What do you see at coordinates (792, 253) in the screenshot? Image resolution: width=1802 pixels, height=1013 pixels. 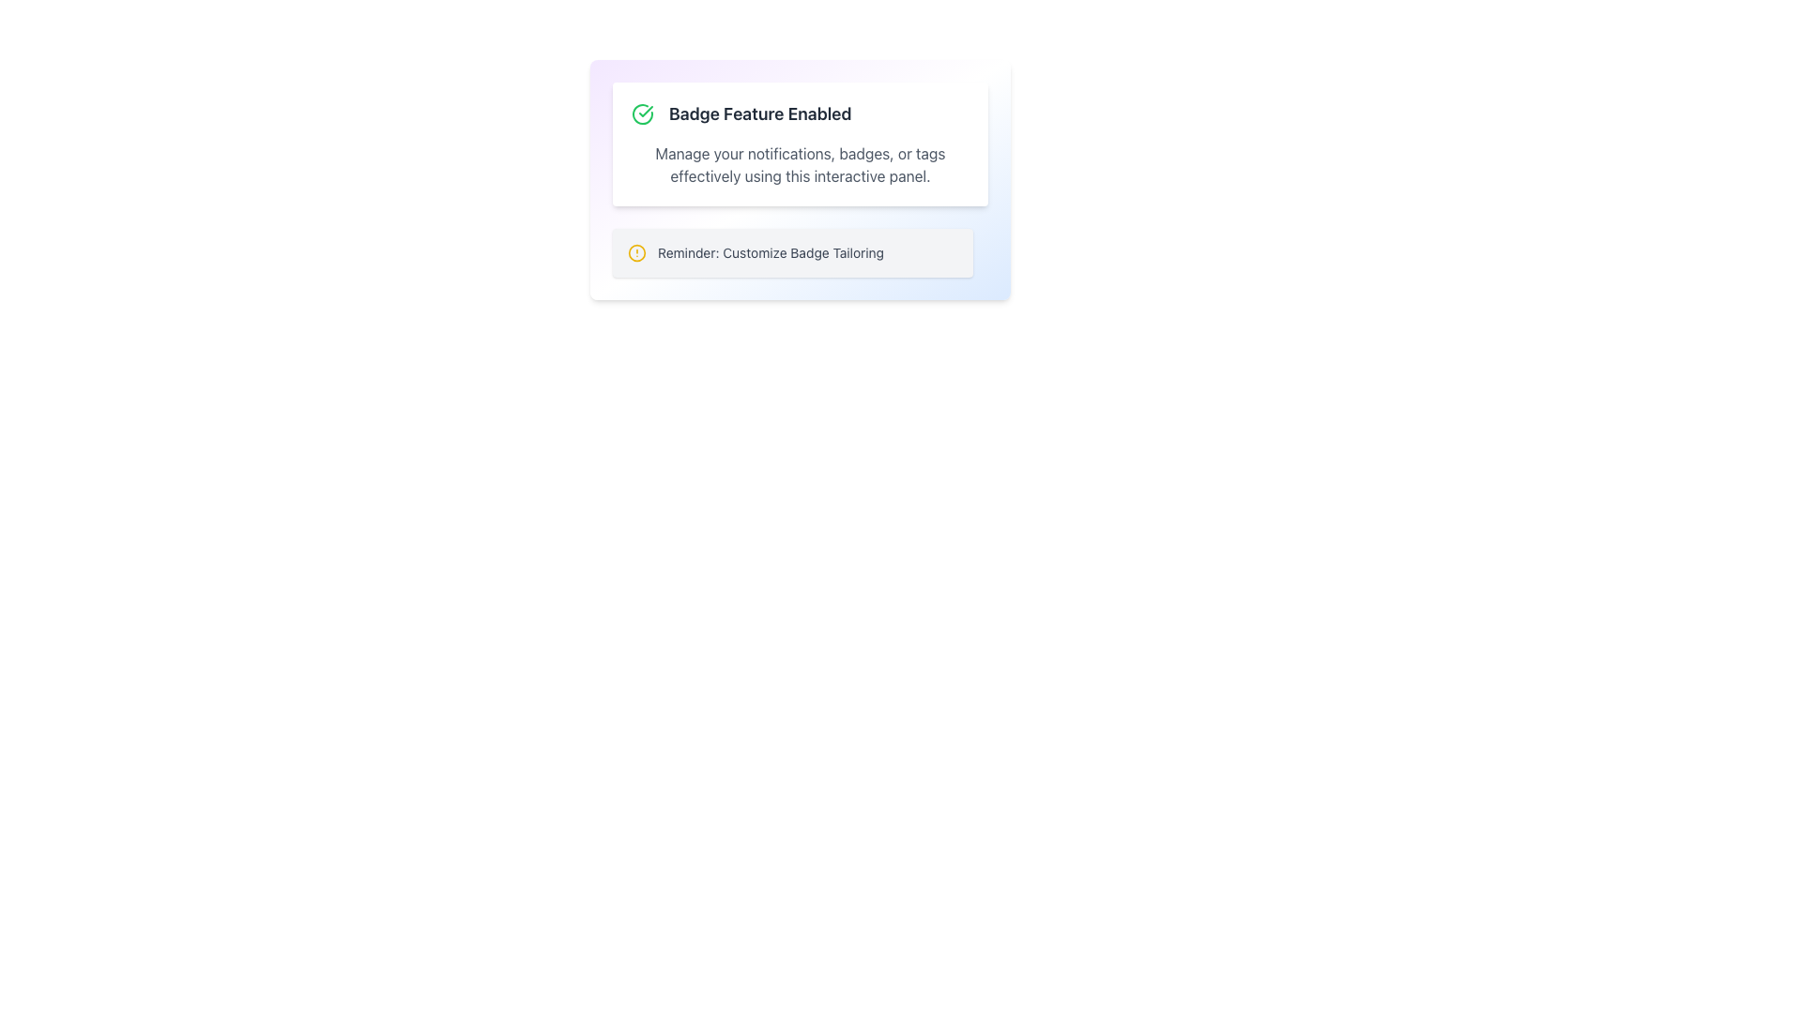 I see `the Notification bar that alerts the user about badge customization, positioned below the text 'Manage your notifications, badges, or tags effectively using this interactive panel.'` at bounding box center [792, 253].